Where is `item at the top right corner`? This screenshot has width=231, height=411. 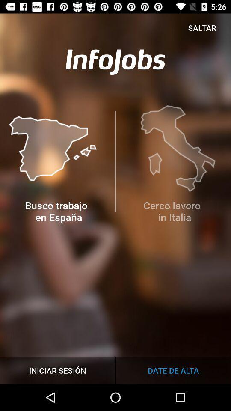 item at the top right corner is located at coordinates (202, 27).